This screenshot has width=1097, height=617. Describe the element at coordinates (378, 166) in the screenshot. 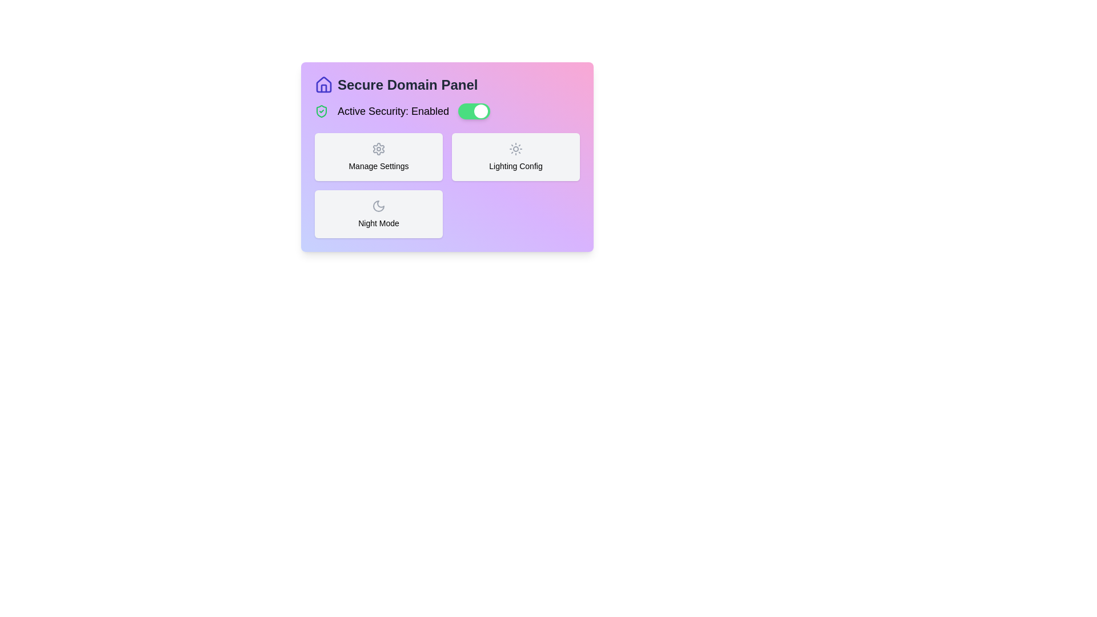

I see `the Text label that describes the button for managing settings, which is part of a rectangular button with a gear icon above it, located in the top-left section of the grid layout` at that location.